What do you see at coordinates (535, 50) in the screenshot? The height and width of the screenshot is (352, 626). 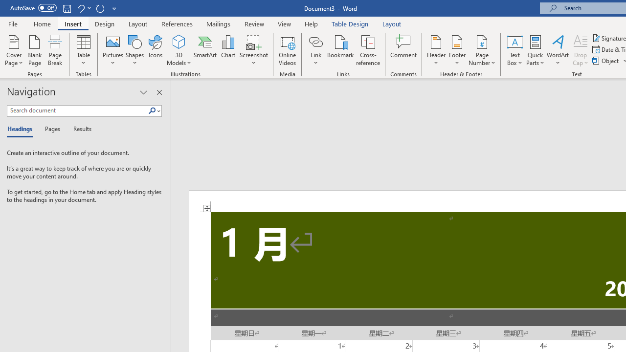 I see `'Quick Parts'` at bounding box center [535, 50].